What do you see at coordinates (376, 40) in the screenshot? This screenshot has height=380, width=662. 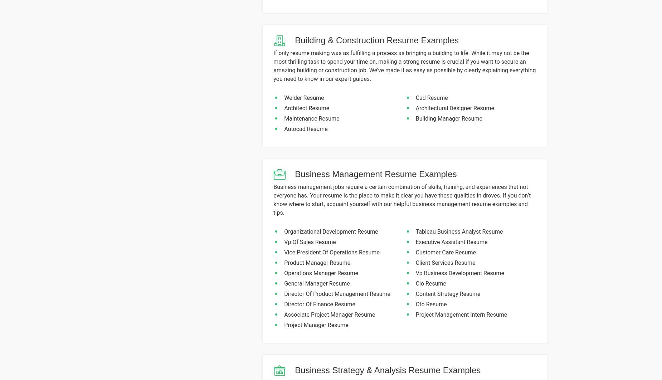 I see `'Building & Construction Resume Examples'` at bounding box center [376, 40].